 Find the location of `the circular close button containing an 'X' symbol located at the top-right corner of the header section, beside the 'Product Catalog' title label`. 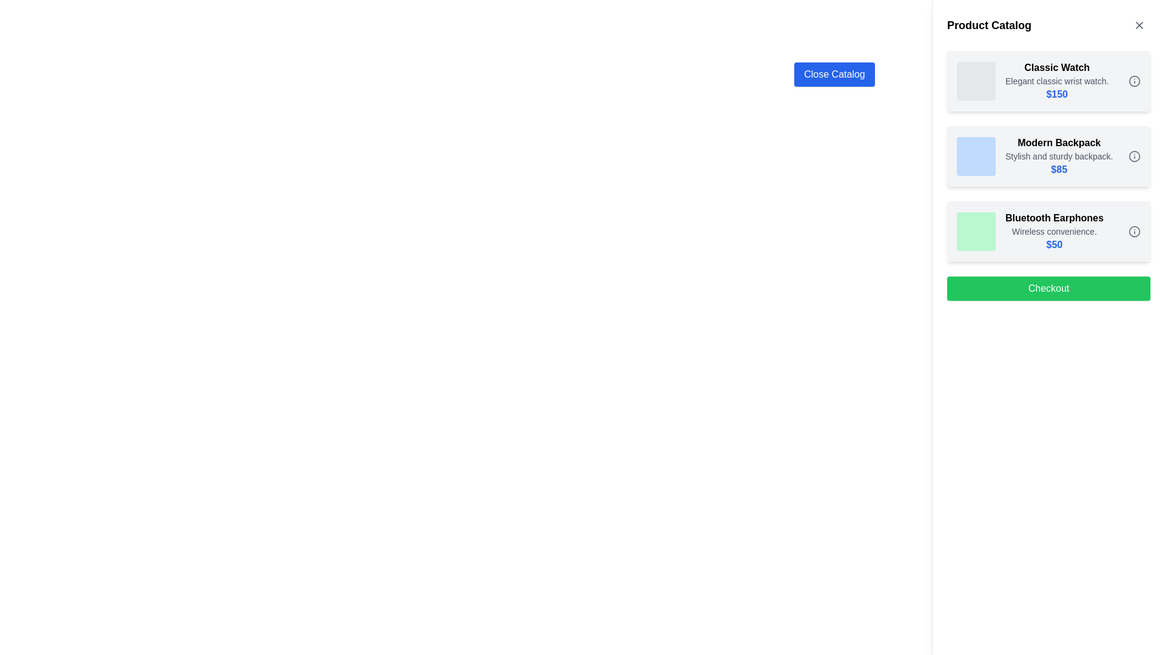

the circular close button containing an 'X' symbol located at the top-right corner of the header section, beside the 'Product Catalog' title label is located at coordinates (1138, 25).